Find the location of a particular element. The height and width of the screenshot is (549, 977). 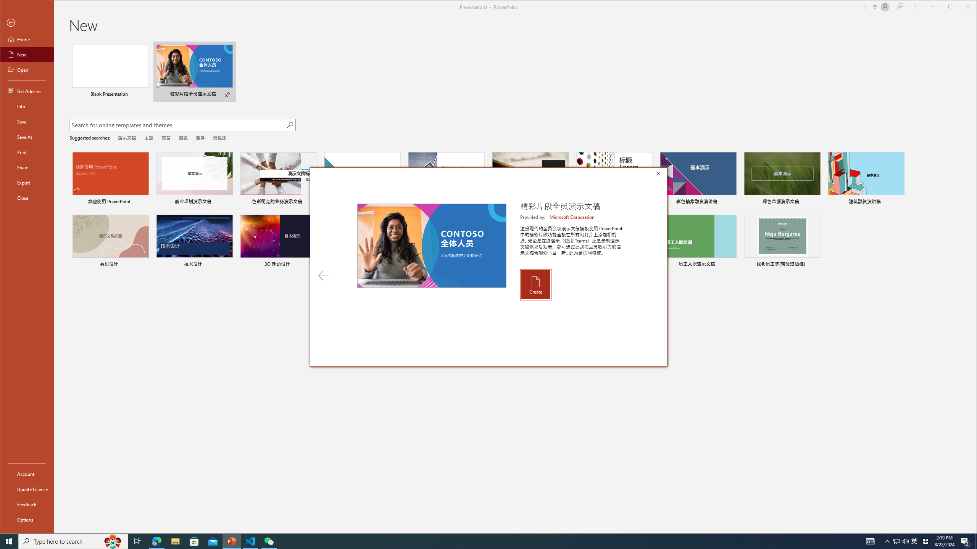

'Options' is located at coordinates (26, 519).